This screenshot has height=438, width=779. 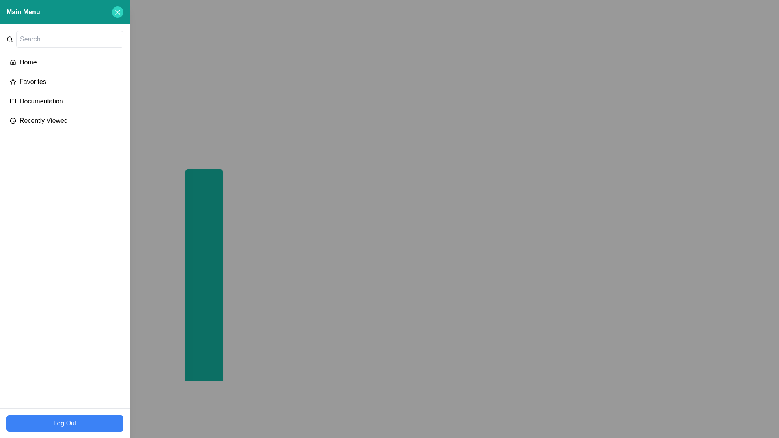 What do you see at coordinates (64, 423) in the screenshot?
I see `the blue rectangular button labeled 'Log Out' at the bottom of the sidebar` at bounding box center [64, 423].